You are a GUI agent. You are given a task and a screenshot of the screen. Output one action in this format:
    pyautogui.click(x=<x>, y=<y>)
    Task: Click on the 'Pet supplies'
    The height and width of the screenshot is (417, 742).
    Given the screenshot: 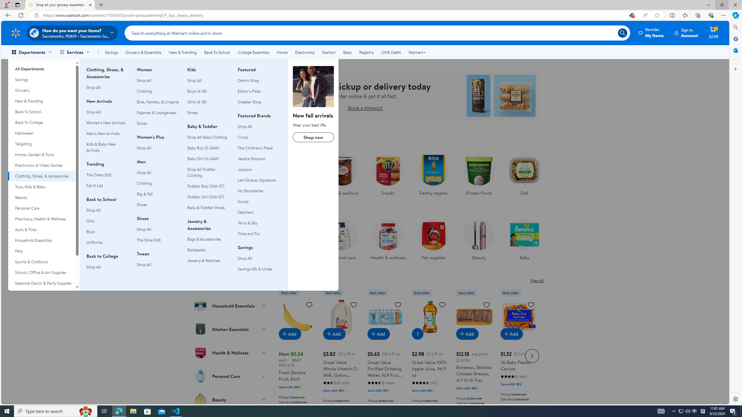 What is the action you would take?
    pyautogui.click(x=433, y=241)
    